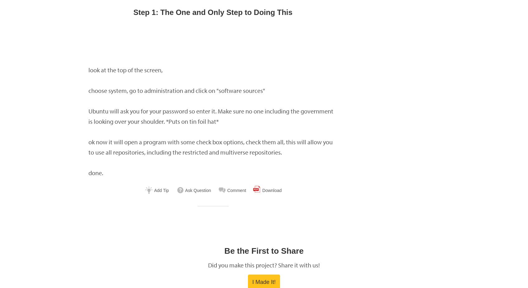  Describe the element at coordinates (210, 116) in the screenshot. I see `'Ubuntu will ask you for your password so enter it. Make sure no one including the government is looking over your shoulder.  *Puts on tin foil hat*'` at that location.